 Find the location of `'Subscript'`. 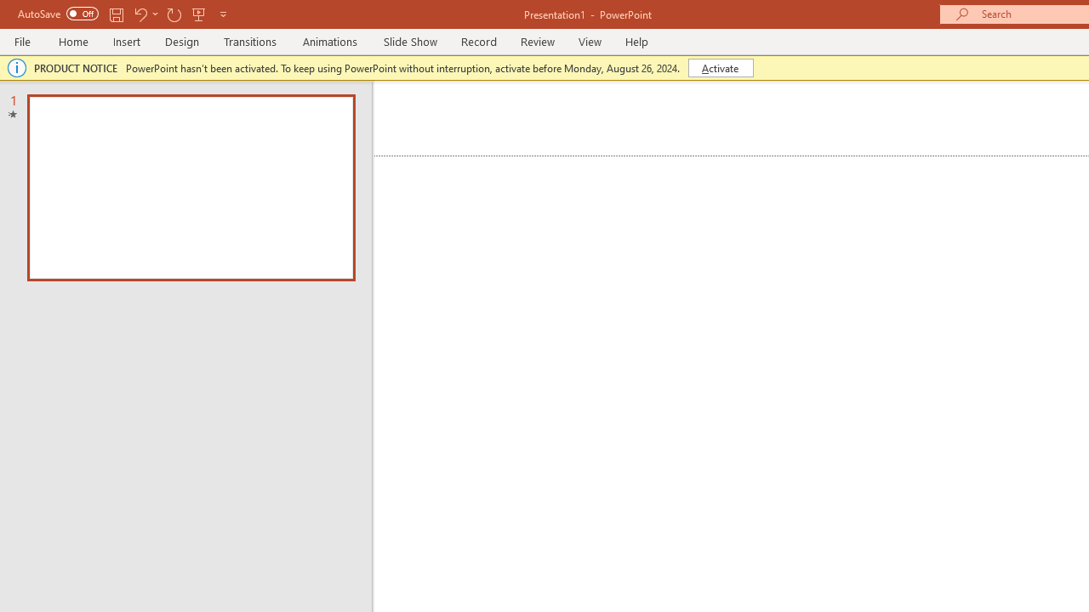

'Subscript' is located at coordinates (298, 154).